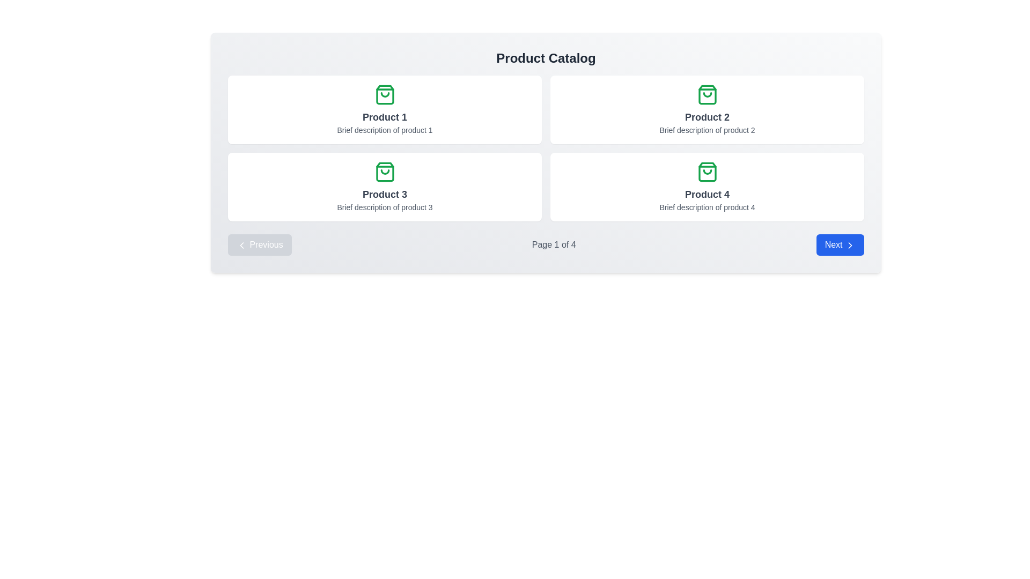  I want to click on text of the label displaying 'Product 2' located in the top-right card of the product listing interface, centered below the green shopping bag icon, so click(707, 117).